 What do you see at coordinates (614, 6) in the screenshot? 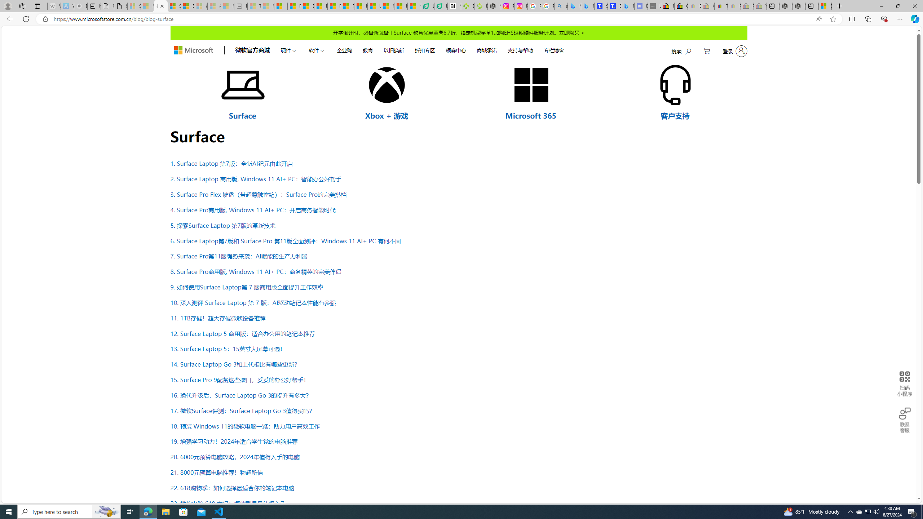
I see `'Shangri-La Bangkok, Hotel reviews and Room rates'` at bounding box center [614, 6].